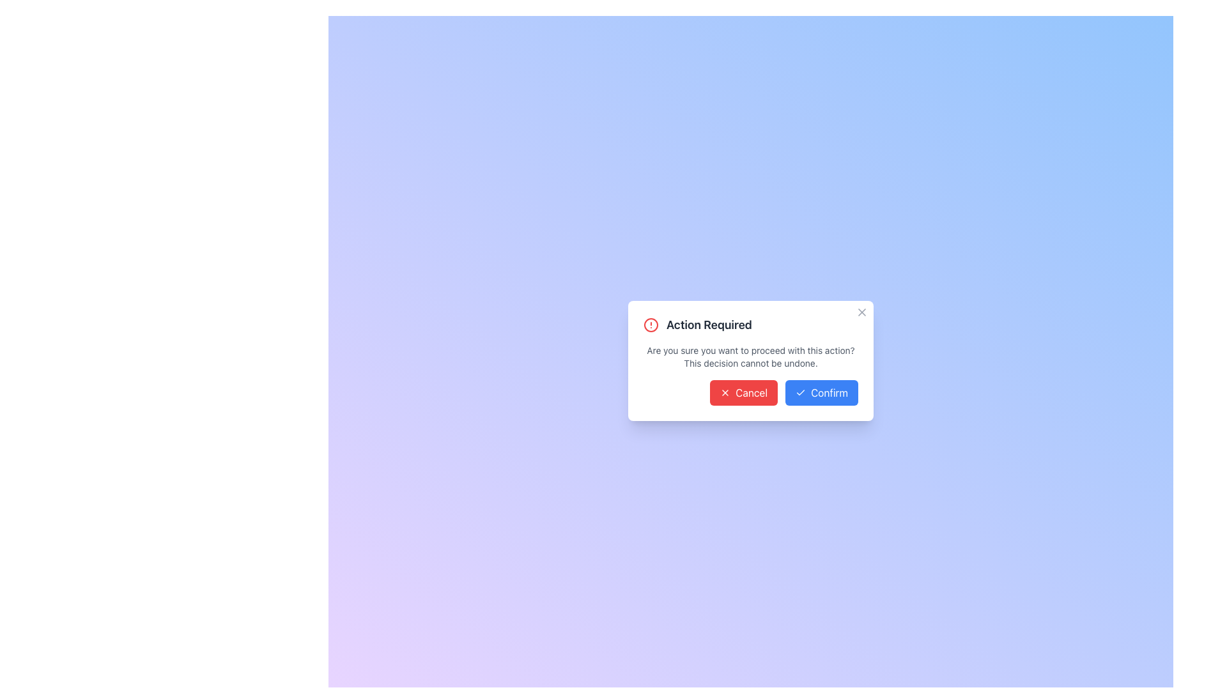  Describe the element at coordinates (751, 392) in the screenshot. I see `the 'Cancel' button, which is part of the group of buttons labeled 'Cancel' (red background) and 'Confirm' (blue background) located at the bottom of the dialog box` at that location.